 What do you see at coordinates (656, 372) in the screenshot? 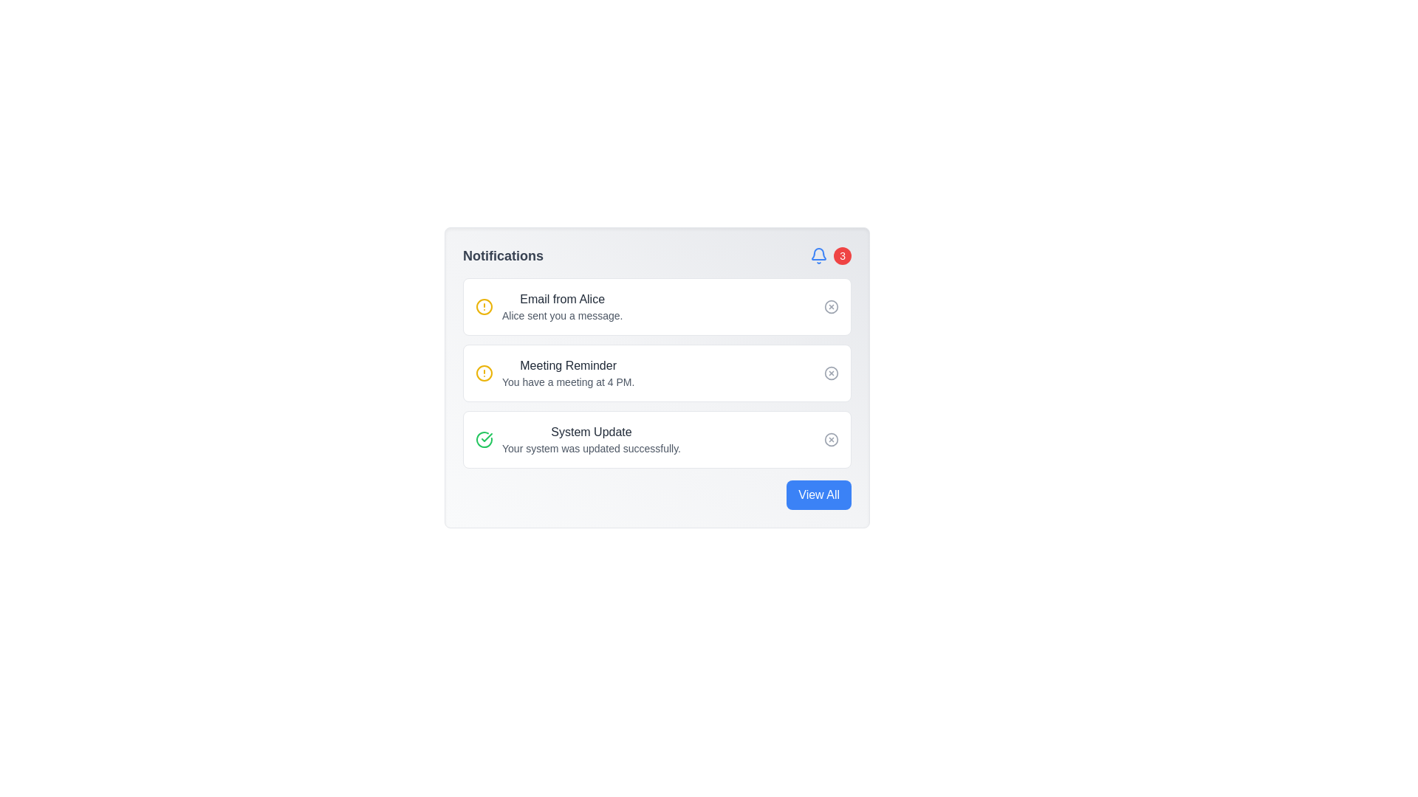
I see `the second notification card titled 'Meeting Reminder', which contains details about a meeting scheduled at 4 PM` at bounding box center [656, 372].